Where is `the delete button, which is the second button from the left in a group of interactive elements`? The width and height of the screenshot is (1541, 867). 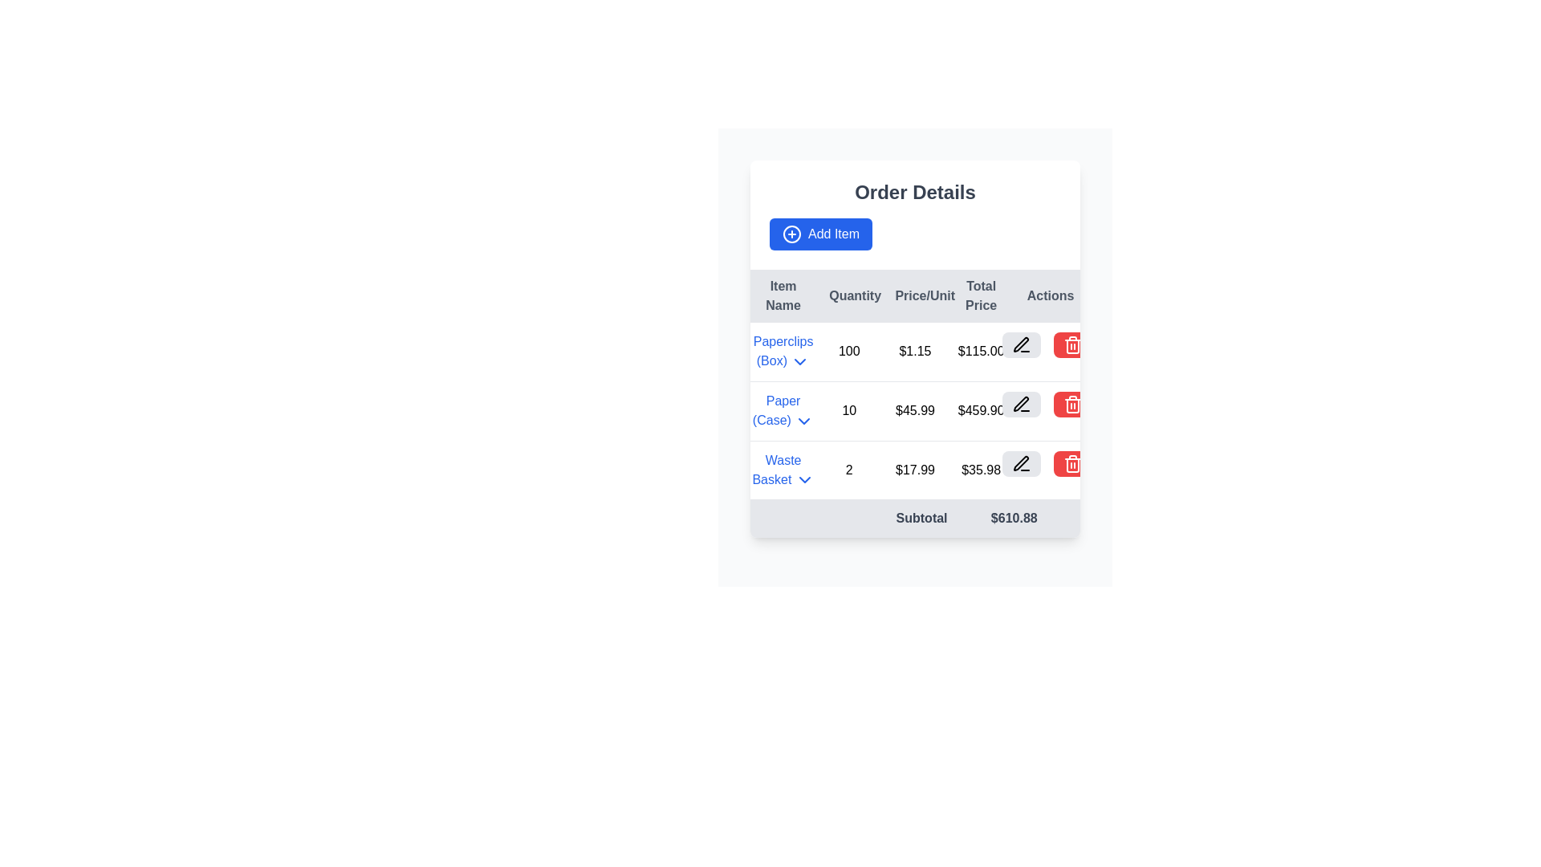 the delete button, which is the second button from the left in a group of interactive elements is located at coordinates (1072, 344).